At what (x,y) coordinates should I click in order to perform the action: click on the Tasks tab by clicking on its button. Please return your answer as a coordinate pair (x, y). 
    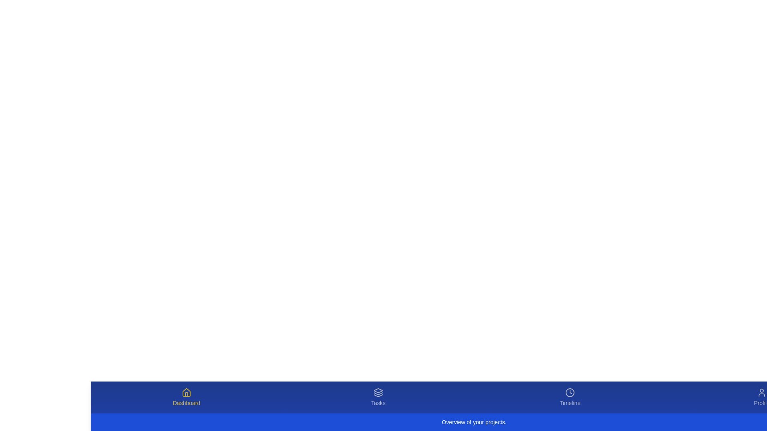
    Looking at the image, I should click on (378, 397).